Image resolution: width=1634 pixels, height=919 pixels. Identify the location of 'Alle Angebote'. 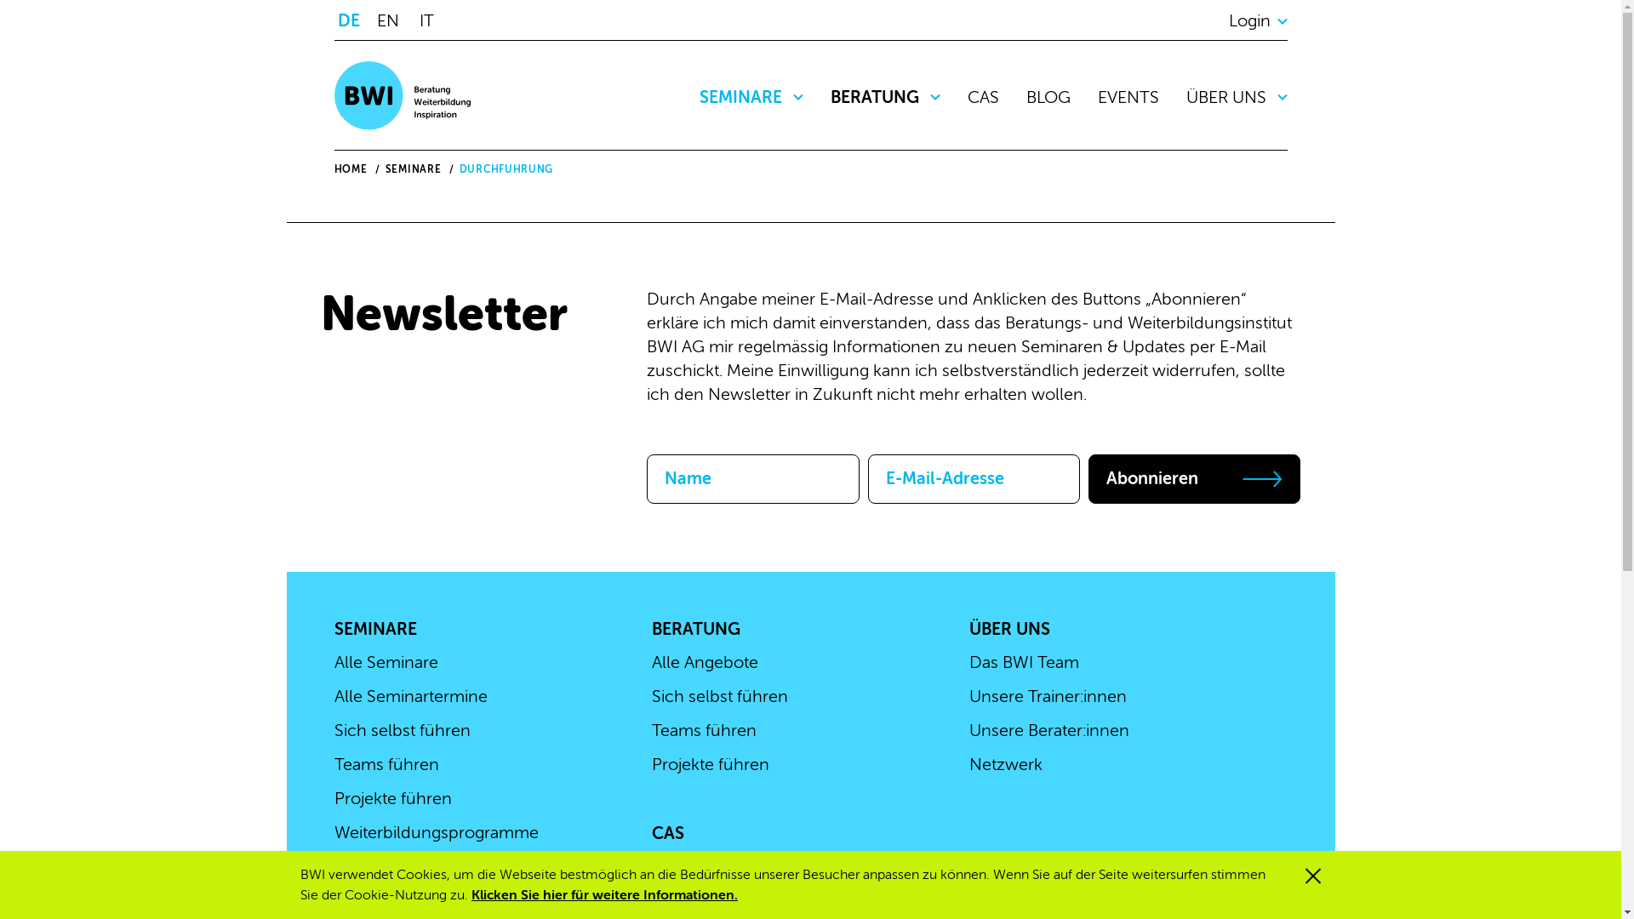
(705, 661).